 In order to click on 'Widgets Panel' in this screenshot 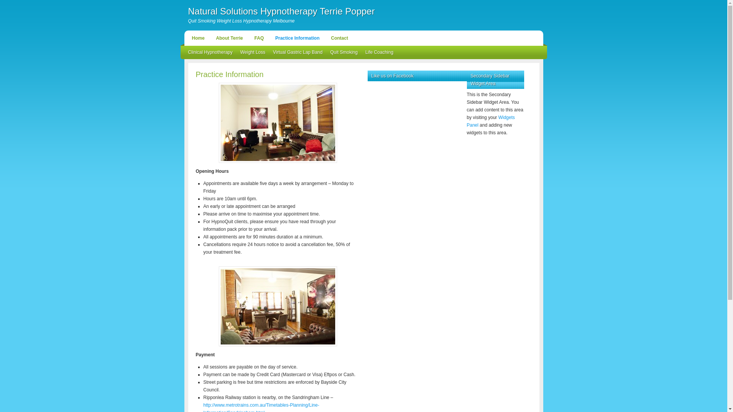, I will do `click(491, 121)`.